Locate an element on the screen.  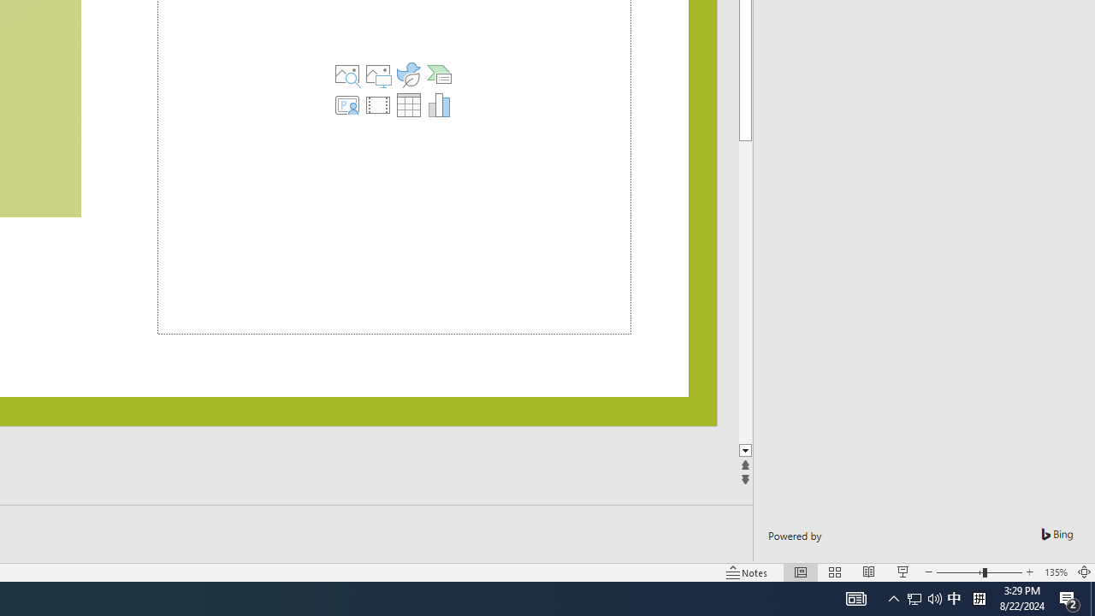
'Stock Images' is located at coordinates (346, 74).